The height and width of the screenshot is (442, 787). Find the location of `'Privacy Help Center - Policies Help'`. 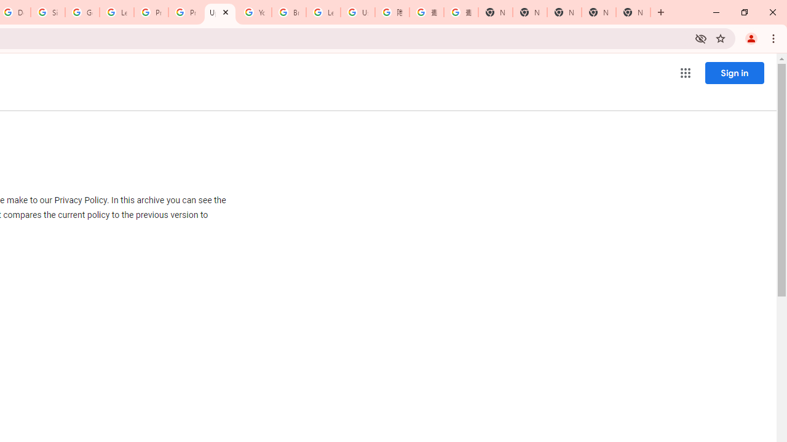

'Privacy Help Center - Policies Help' is located at coordinates (150, 12).